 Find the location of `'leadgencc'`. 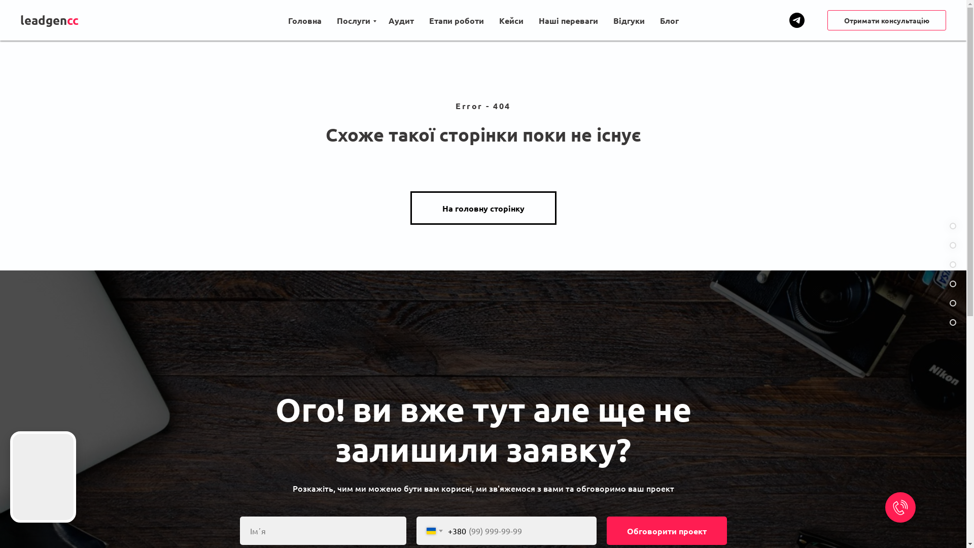

'leadgencc' is located at coordinates (20, 20).